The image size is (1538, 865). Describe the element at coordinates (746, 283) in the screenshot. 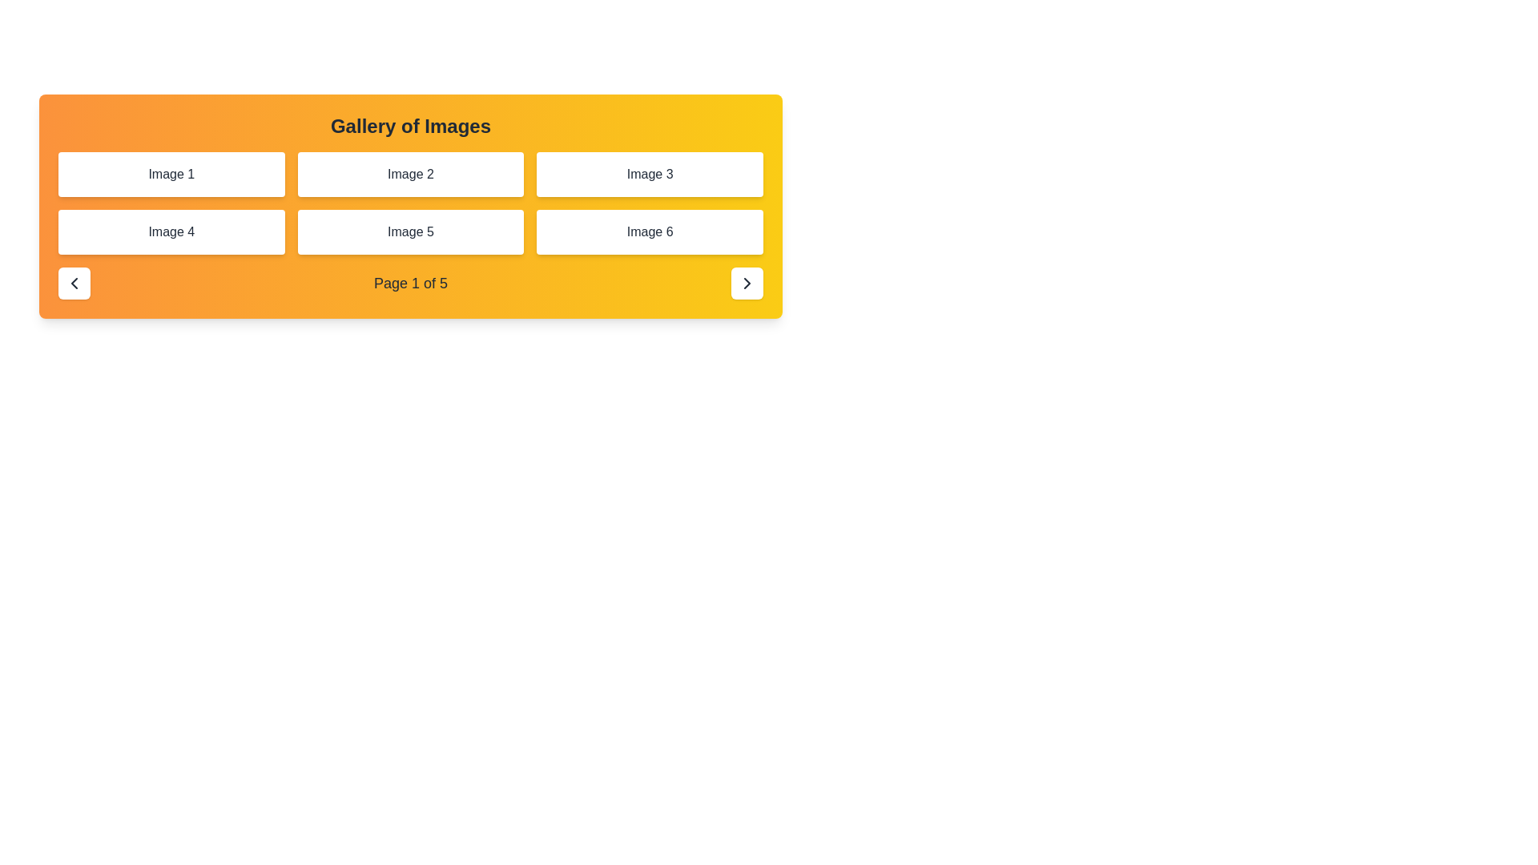

I see `the right arrow icon within the 'Next' button located at the bottom-right corner of the card interface` at that location.